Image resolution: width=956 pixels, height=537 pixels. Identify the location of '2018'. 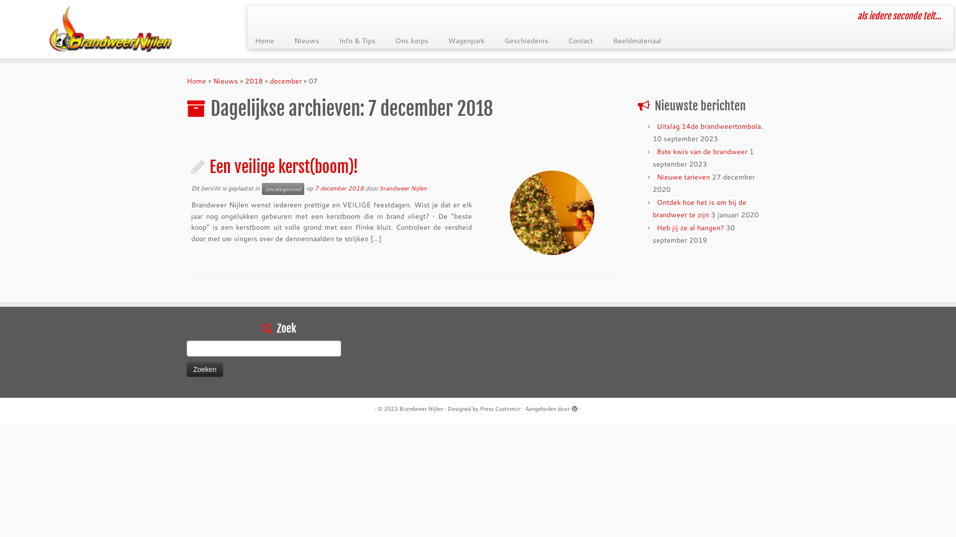
(253, 80).